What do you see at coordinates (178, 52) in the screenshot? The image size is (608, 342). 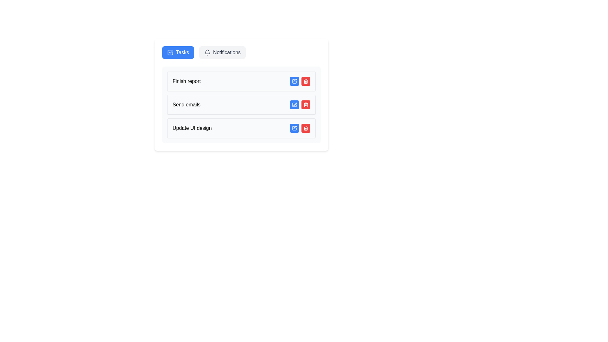 I see `the first button in the horizontal list at the top of the panel` at bounding box center [178, 52].